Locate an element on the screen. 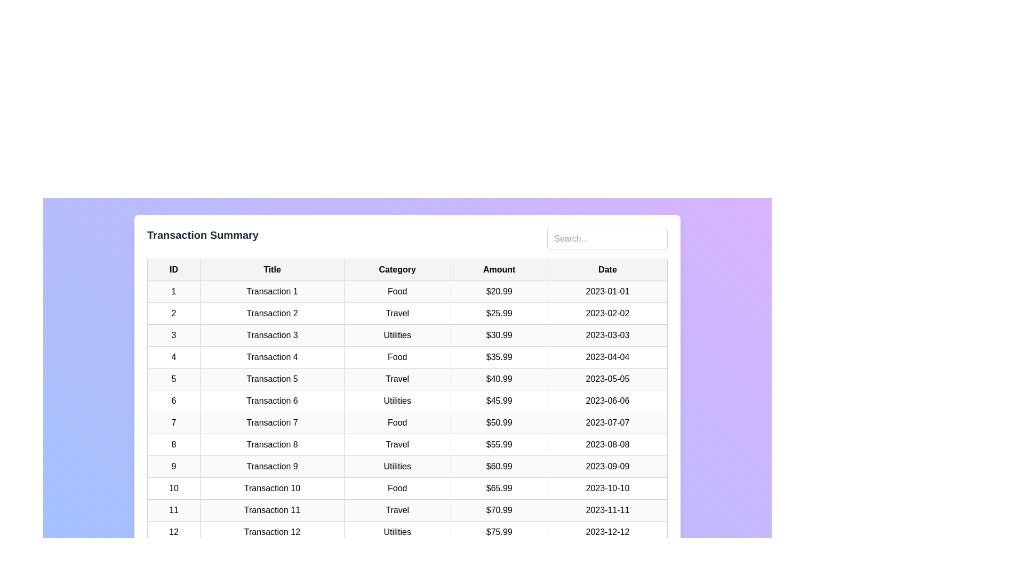 This screenshot has width=1024, height=576. the Title column header to sort the table is located at coordinates (272, 269).